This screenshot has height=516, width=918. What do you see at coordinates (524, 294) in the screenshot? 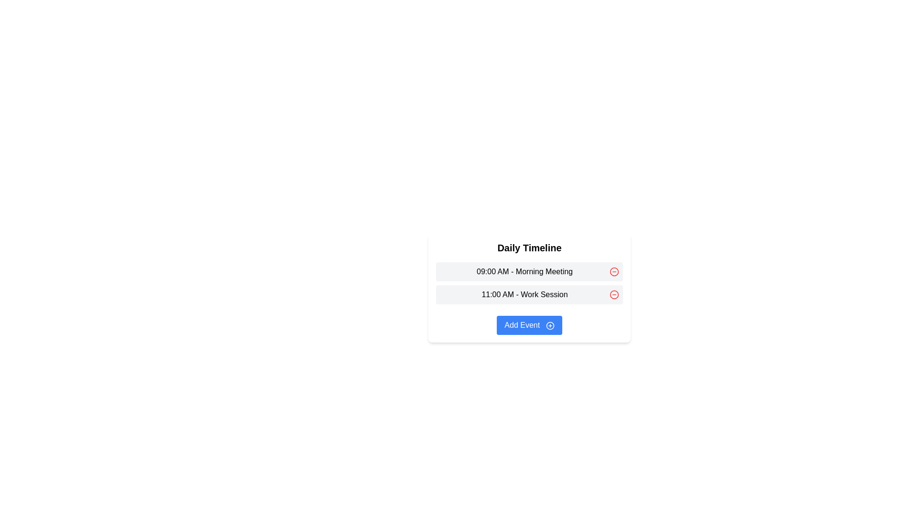
I see `the text label displaying '11:00 AM - Work Session', which is centrally aligned within the light gray background section of the timeline interface` at bounding box center [524, 294].